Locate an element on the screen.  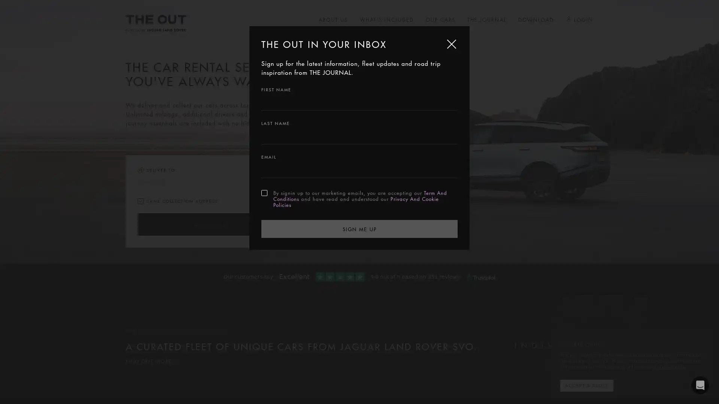
SIGN ME UP is located at coordinates (359, 228).